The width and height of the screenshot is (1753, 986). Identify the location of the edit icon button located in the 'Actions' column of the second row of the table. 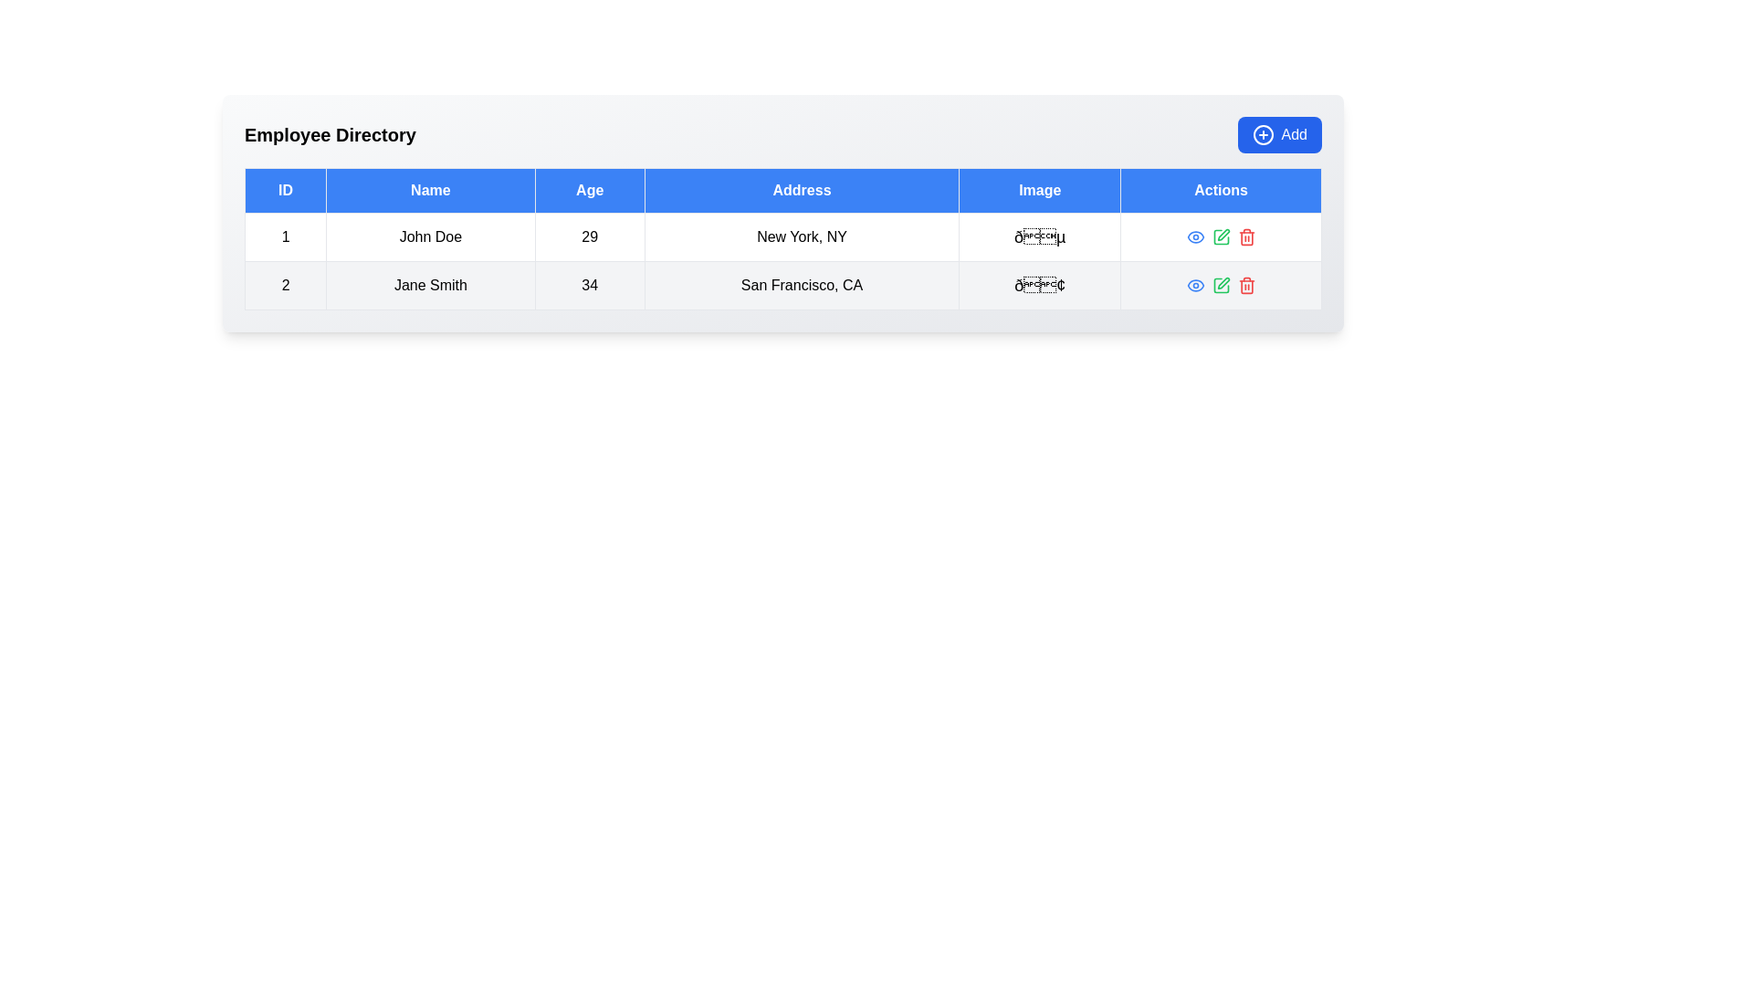
(1221, 236).